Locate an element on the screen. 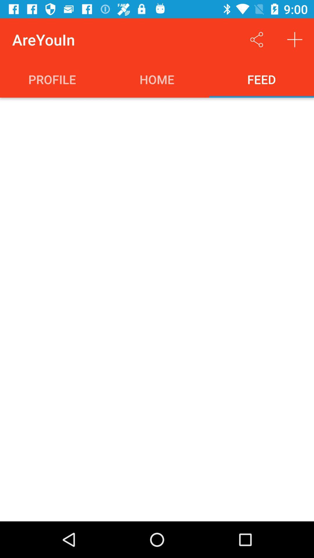 The width and height of the screenshot is (314, 558). share is located at coordinates (256, 39).